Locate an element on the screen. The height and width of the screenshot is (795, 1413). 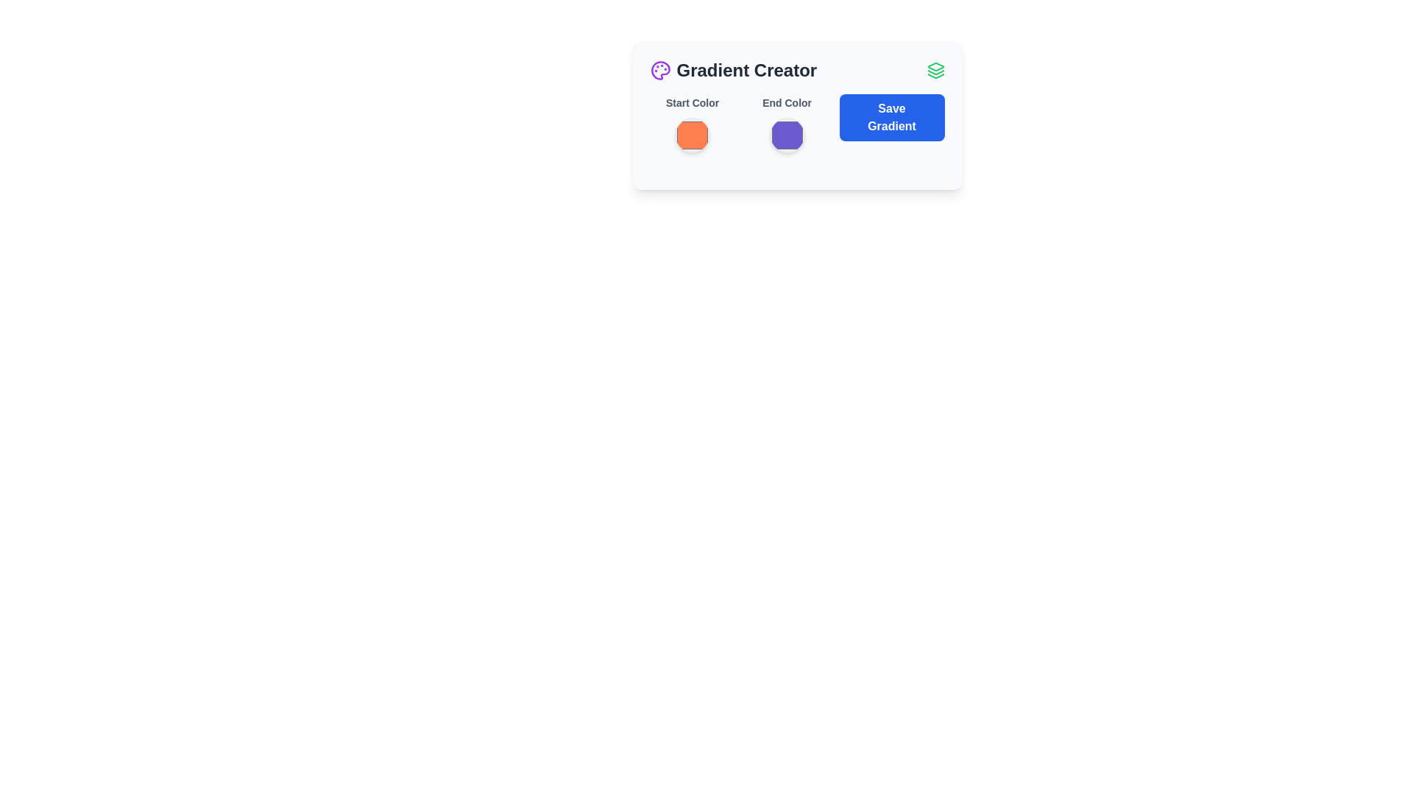
the Gradient Creator tool section header and control panel element, which allows users to set start and end colors and save their gradient selection is located at coordinates (796, 115).